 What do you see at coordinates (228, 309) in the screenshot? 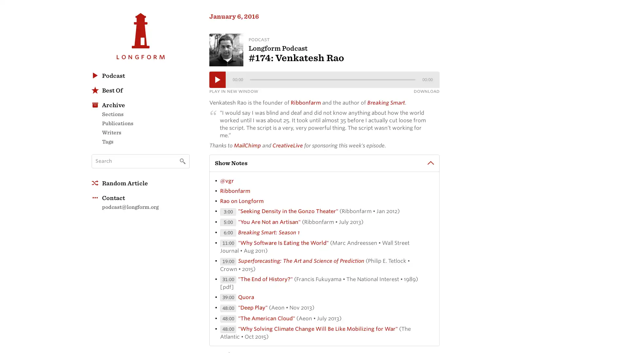
I see `48:00` at bounding box center [228, 309].